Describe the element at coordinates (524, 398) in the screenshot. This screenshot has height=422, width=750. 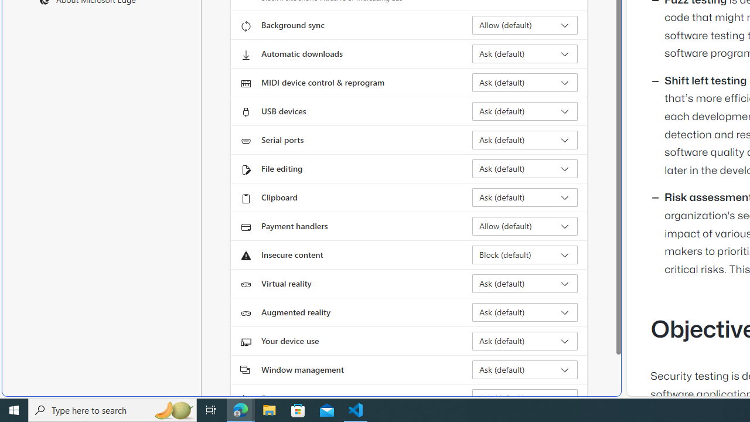
I see `'Fonts Ask (default)'` at that location.